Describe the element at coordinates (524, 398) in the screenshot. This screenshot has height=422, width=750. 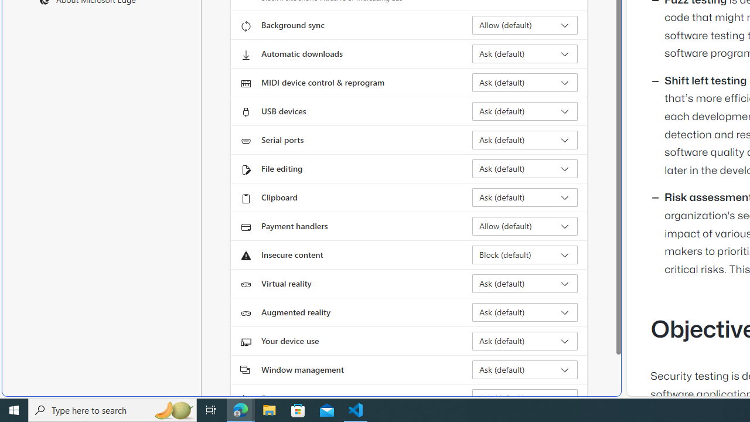
I see `'Fonts Ask (default)'` at that location.